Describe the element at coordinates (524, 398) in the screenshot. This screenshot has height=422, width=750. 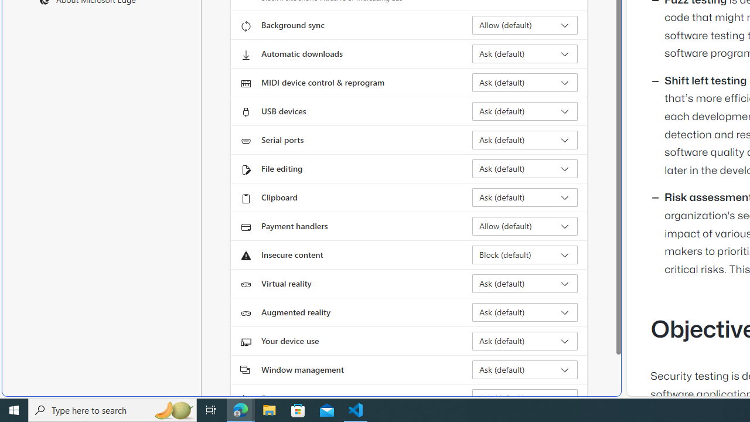
I see `'Fonts Ask (default)'` at that location.